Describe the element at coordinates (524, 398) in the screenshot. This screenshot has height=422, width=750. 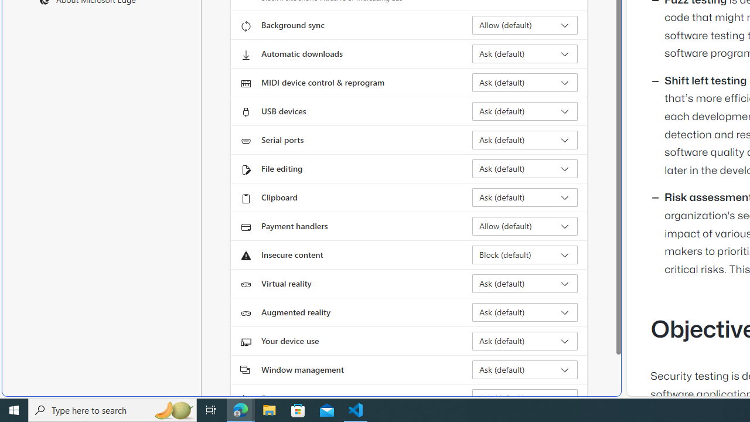
I see `'Fonts Ask (default)'` at that location.